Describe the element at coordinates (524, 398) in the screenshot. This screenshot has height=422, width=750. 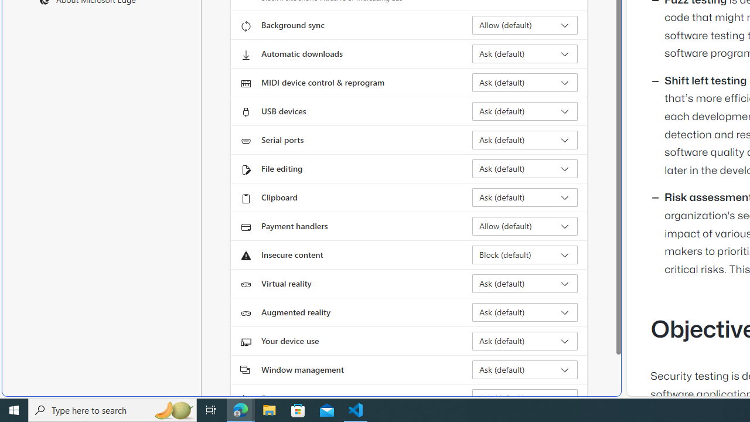
I see `'Fonts Ask (default)'` at that location.